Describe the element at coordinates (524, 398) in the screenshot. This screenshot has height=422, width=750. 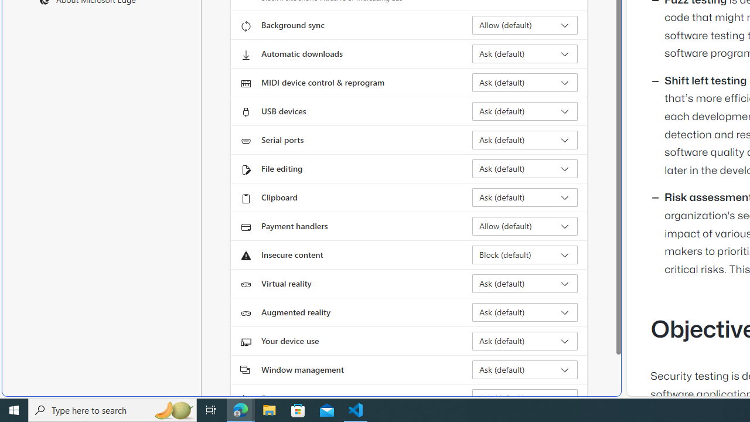
I see `'Fonts Ask (default)'` at that location.